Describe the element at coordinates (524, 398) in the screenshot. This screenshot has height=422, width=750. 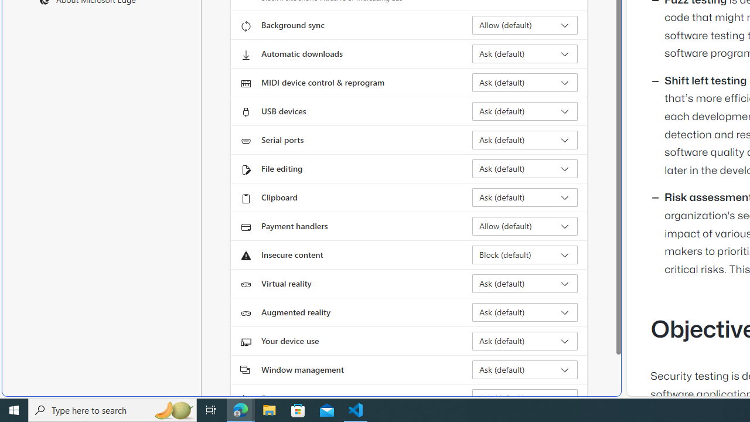
I see `'Fonts Ask (default)'` at that location.